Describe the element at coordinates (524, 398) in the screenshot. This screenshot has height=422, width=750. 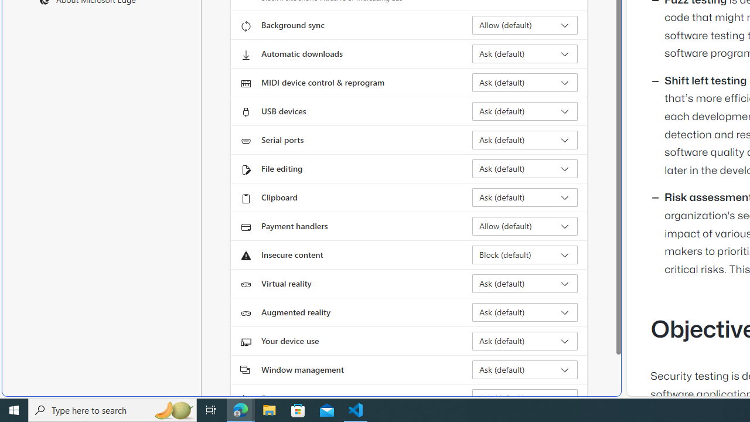
I see `'Fonts Ask (default)'` at that location.